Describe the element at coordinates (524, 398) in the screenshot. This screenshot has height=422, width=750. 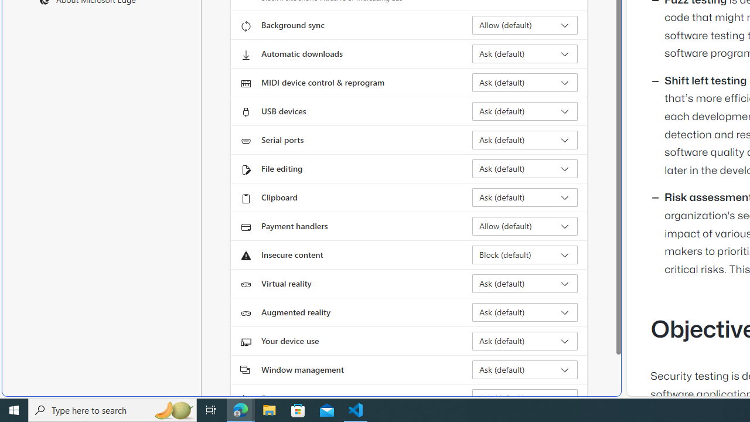
I see `'Fonts Ask (default)'` at that location.